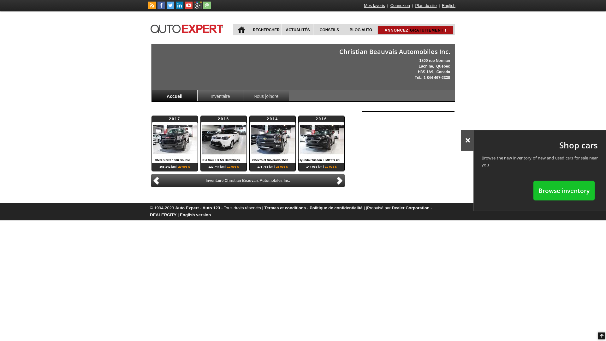 This screenshot has width=606, height=341. Describe the element at coordinates (161, 8) in the screenshot. I see `'Suivez autoExpert.ca sur Facebook'` at that location.